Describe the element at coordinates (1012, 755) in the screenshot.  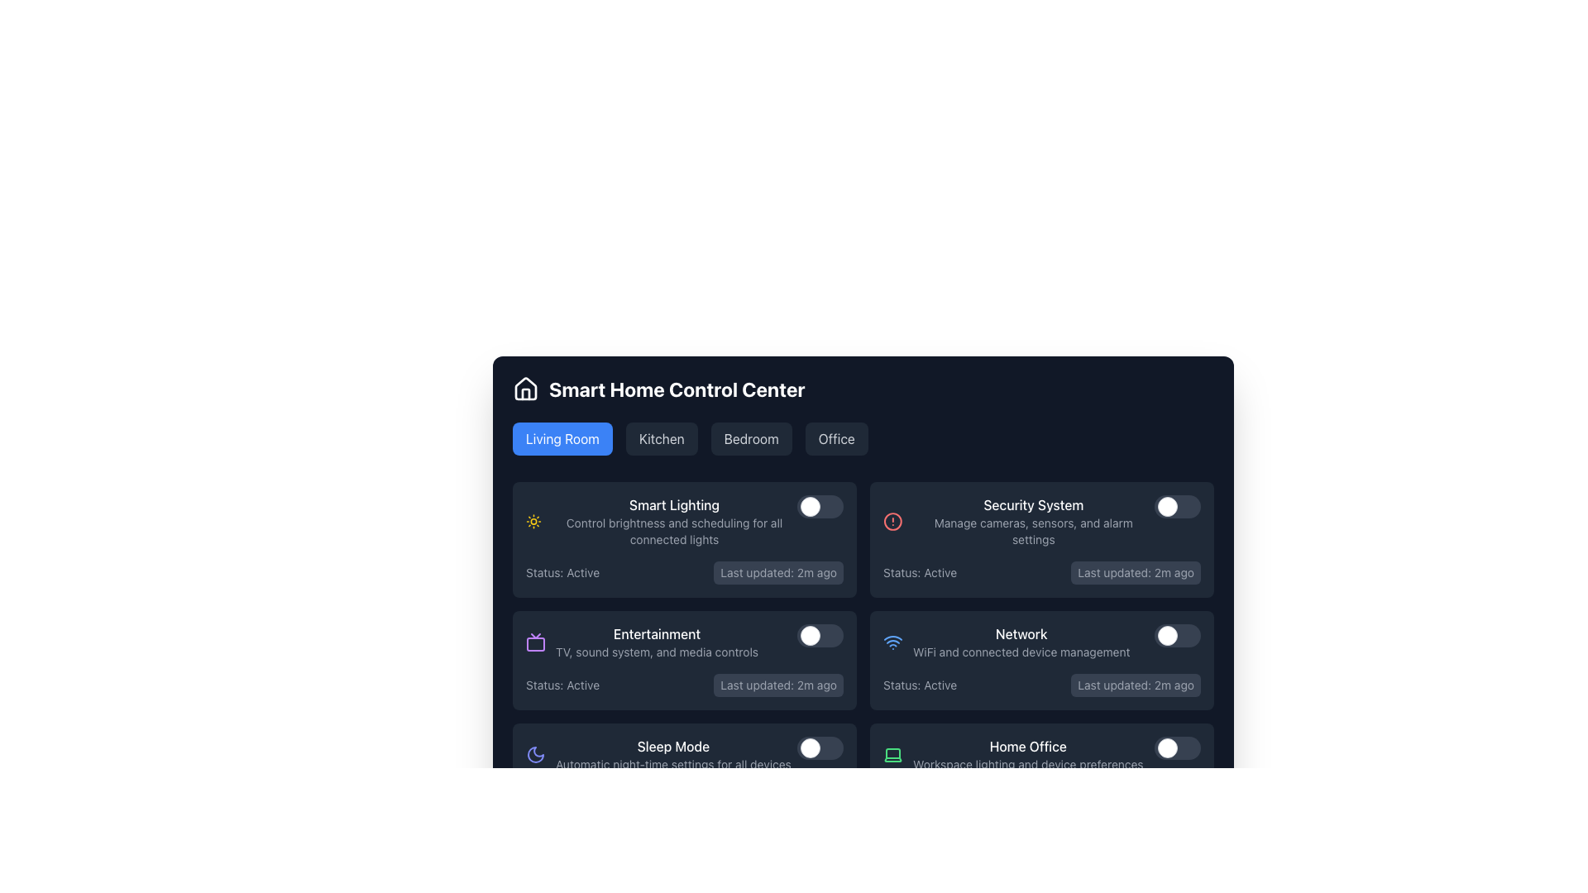
I see `the Informational Text Block with Icon that serves as a label for the 'Home Office' settings, located in the bottom row of the interface's grid layout` at that location.